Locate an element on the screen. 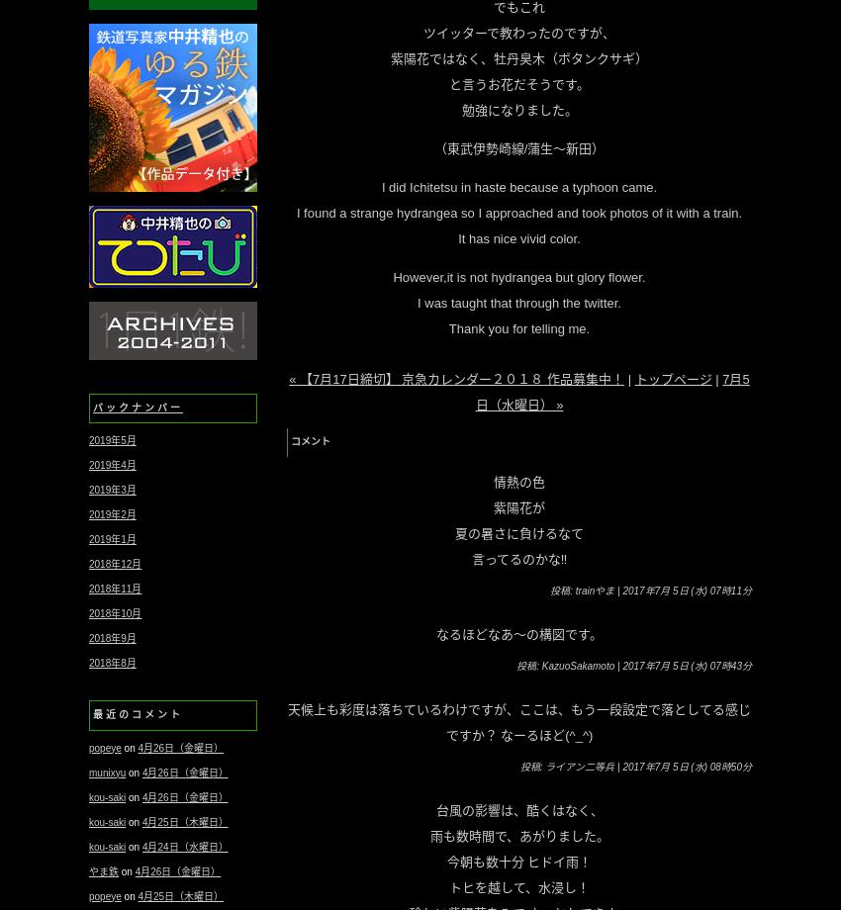  '（東武伊勢崎線/蒲生〜新田）' is located at coordinates (517, 147).